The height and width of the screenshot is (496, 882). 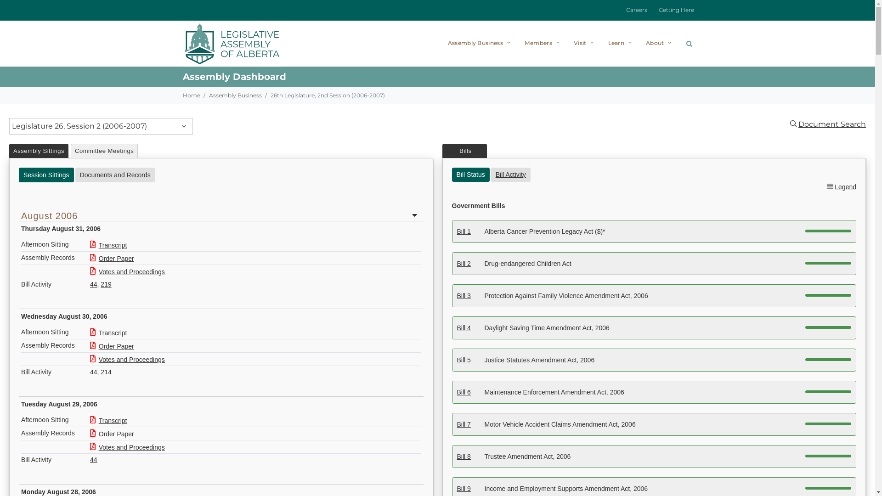 I want to click on 'Bill Activity', so click(x=510, y=174).